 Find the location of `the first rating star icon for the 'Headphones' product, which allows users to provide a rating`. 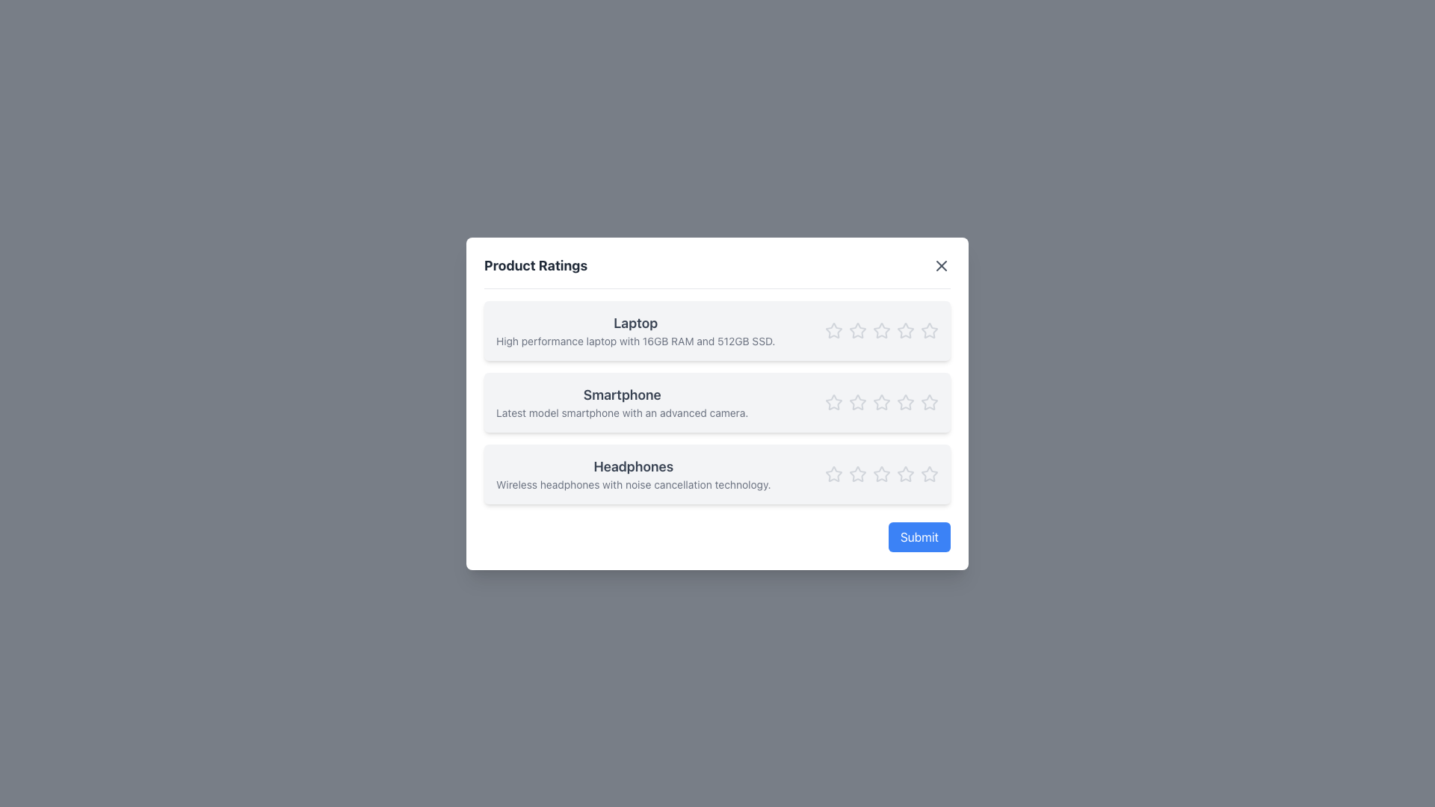

the first rating star icon for the 'Headphones' product, which allows users to provide a rating is located at coordinates (857, 474).